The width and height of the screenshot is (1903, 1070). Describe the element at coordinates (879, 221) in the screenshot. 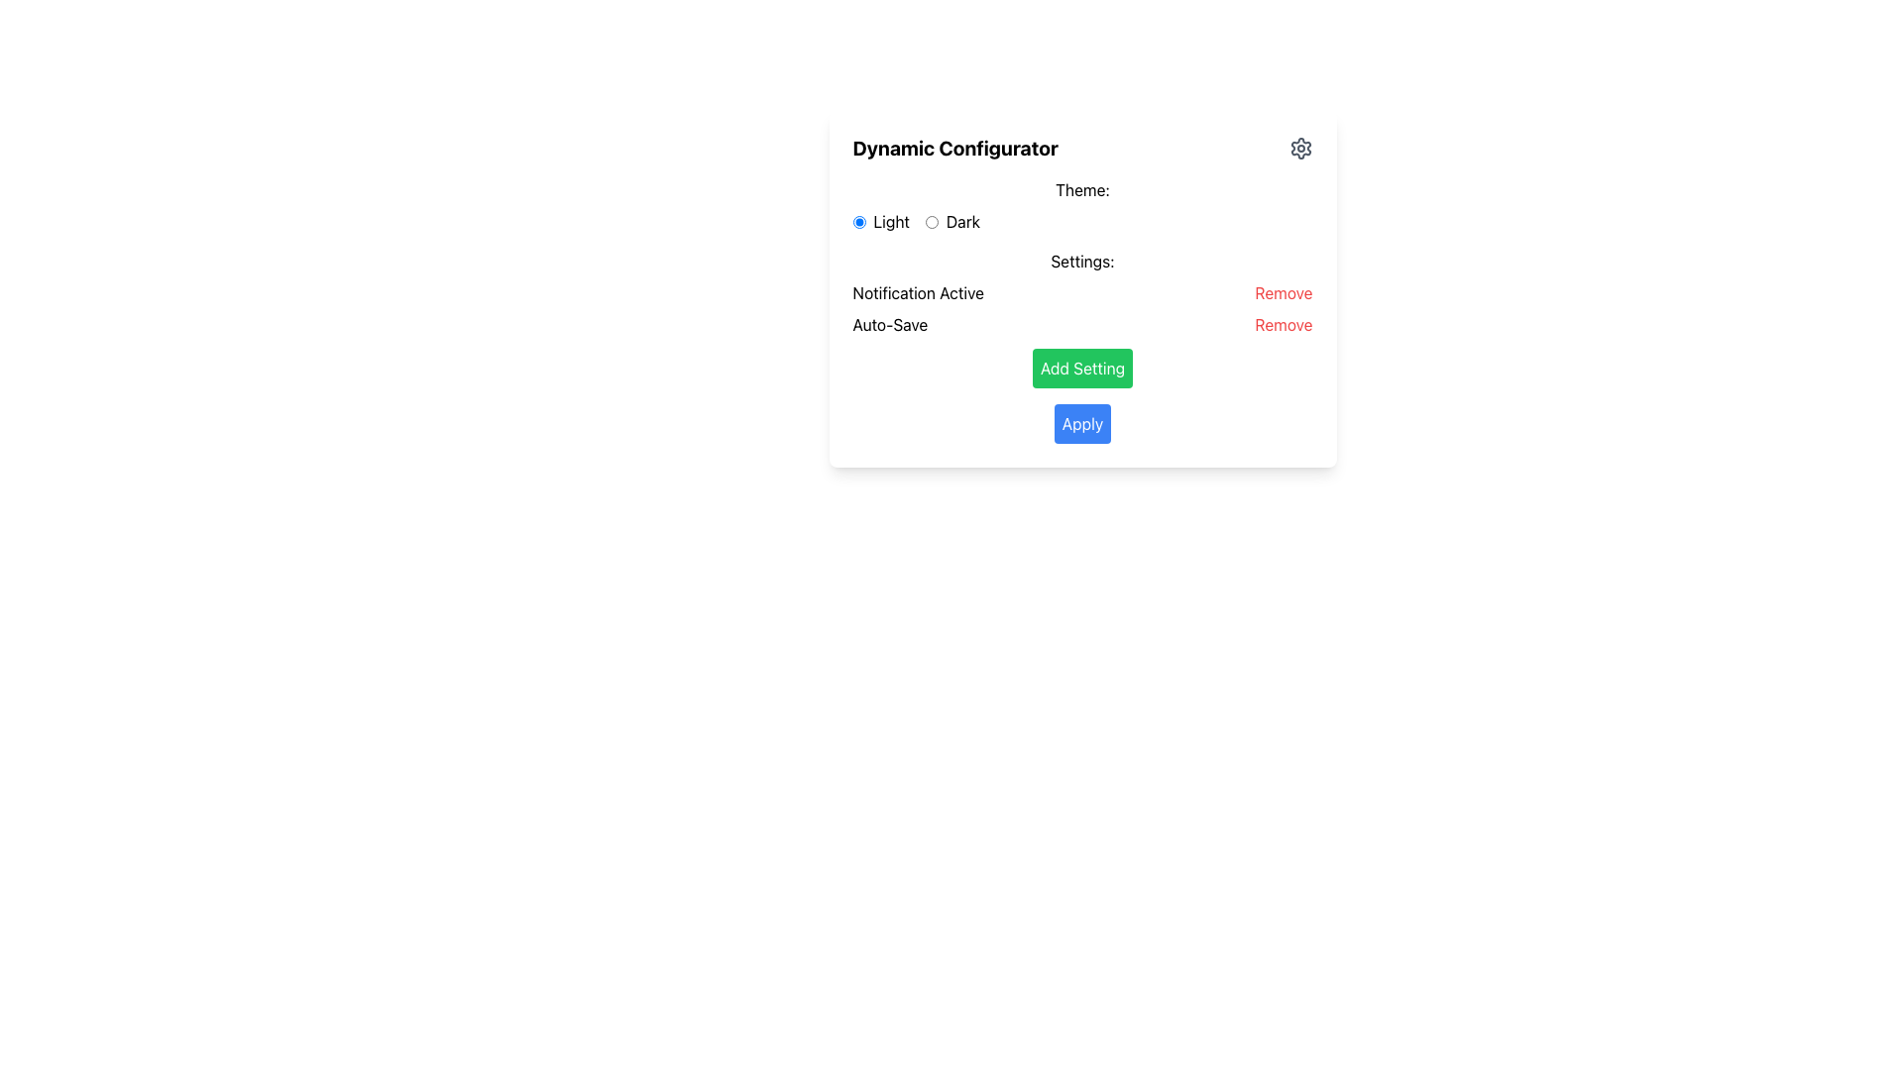

I see `the 'Light' radio button` at that location.